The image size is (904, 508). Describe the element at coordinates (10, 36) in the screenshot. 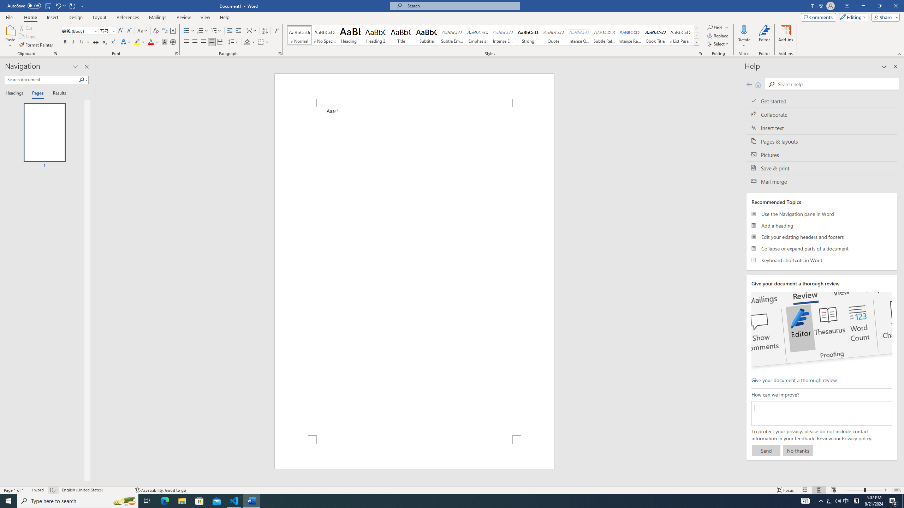

I see `'Paste'` at that location.